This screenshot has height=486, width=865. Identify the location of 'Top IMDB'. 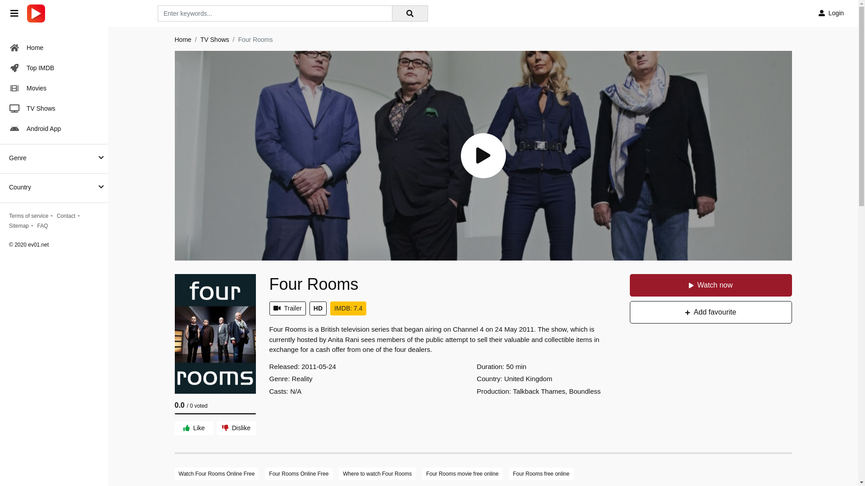
(0, 67).